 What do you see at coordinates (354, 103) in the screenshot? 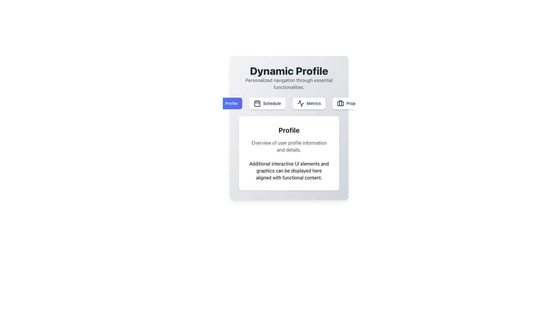
I see `the text label displaying 'Projects'` at bounding box center [354, 103].